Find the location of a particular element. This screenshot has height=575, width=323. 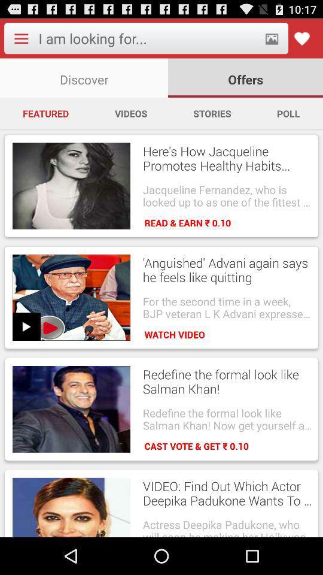

search what we want is located at coordinates (148, 38).